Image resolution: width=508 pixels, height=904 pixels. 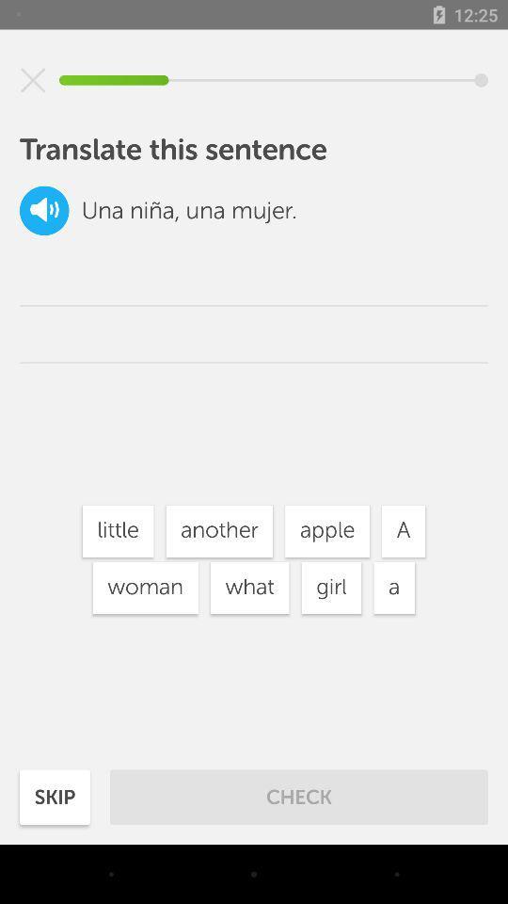 What do you see at coordinates (118, 531) in the screenshot?
I see `the little icon` at bounding box center [118, 531].